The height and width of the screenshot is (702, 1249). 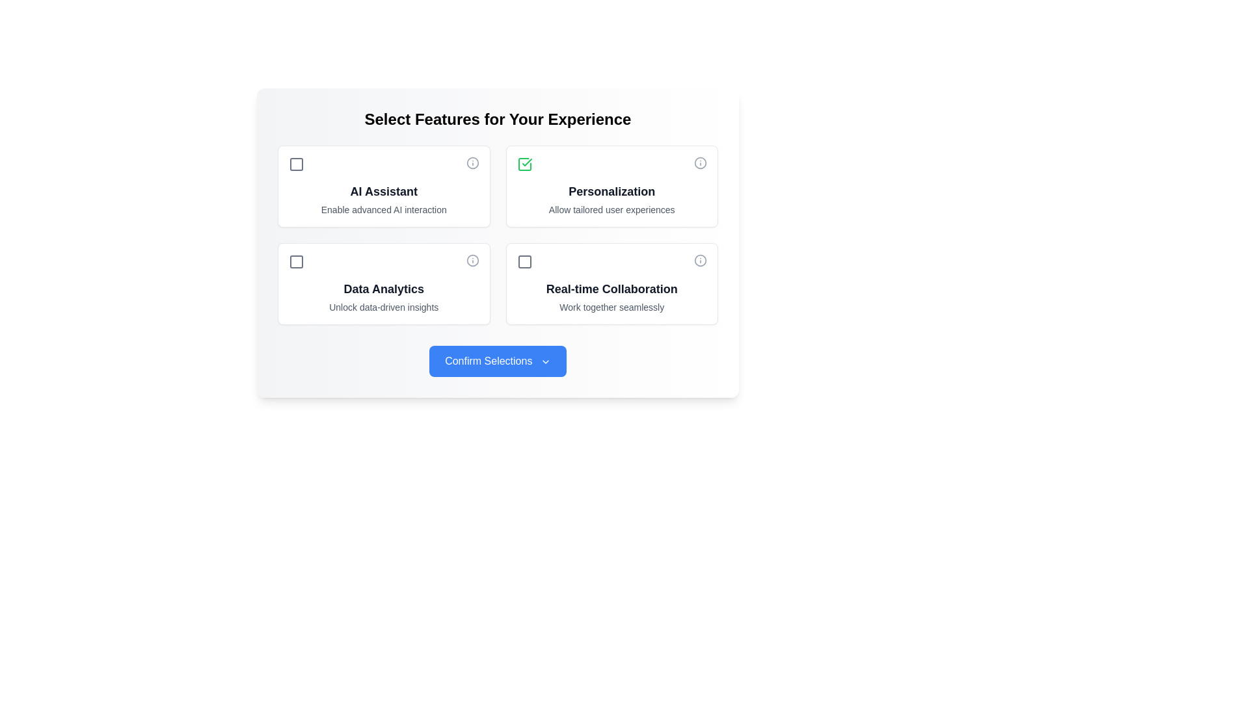 What do you see at coordinates (545, 361) in the screenshot?
I see `the Chevron Icon located to the right of the 'Confirm Selections' button` at bounding box center [545, 361].